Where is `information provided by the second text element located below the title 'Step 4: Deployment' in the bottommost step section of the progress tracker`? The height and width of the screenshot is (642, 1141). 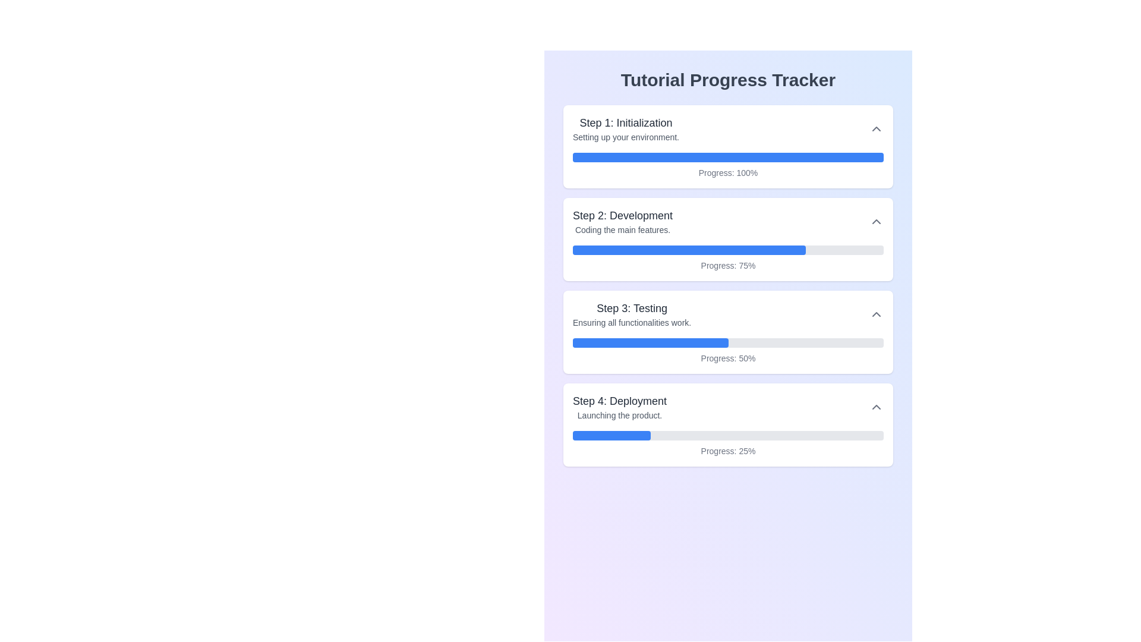 information provided by the second text element located below the title 'Step 4: Deployment' in the bottommost step section of the progress tracker is located at coordinates (619, 414).